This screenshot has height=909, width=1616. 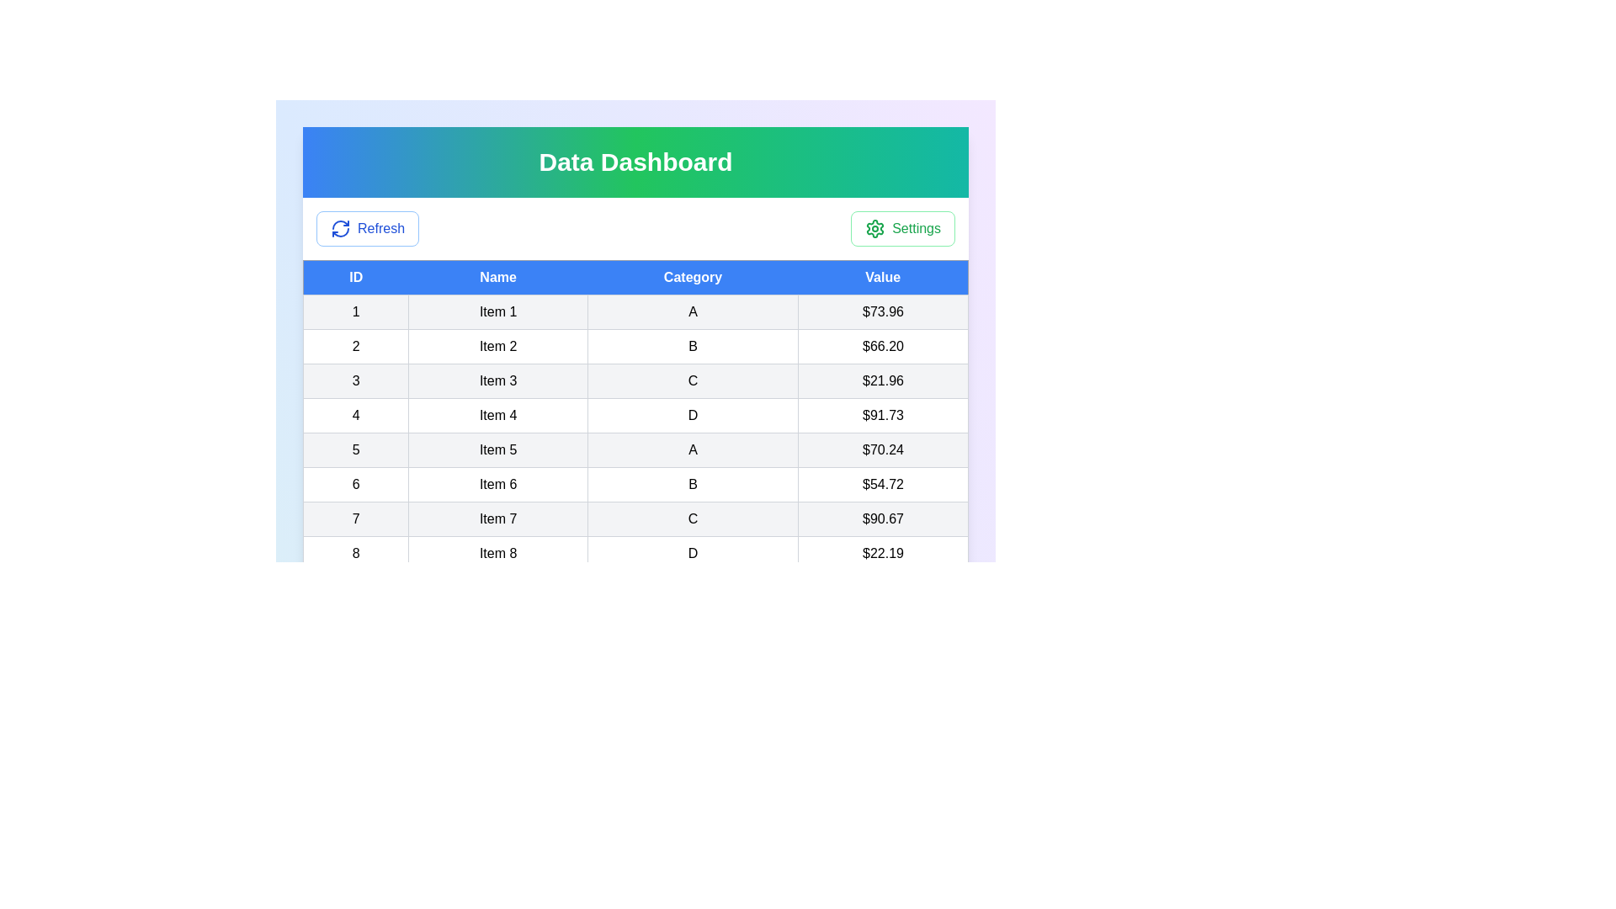 What do you see at coordinates (882, 277) in the screenshot?
I see `the table header Value to sort or filter the column` at bounding box center [882, 277].